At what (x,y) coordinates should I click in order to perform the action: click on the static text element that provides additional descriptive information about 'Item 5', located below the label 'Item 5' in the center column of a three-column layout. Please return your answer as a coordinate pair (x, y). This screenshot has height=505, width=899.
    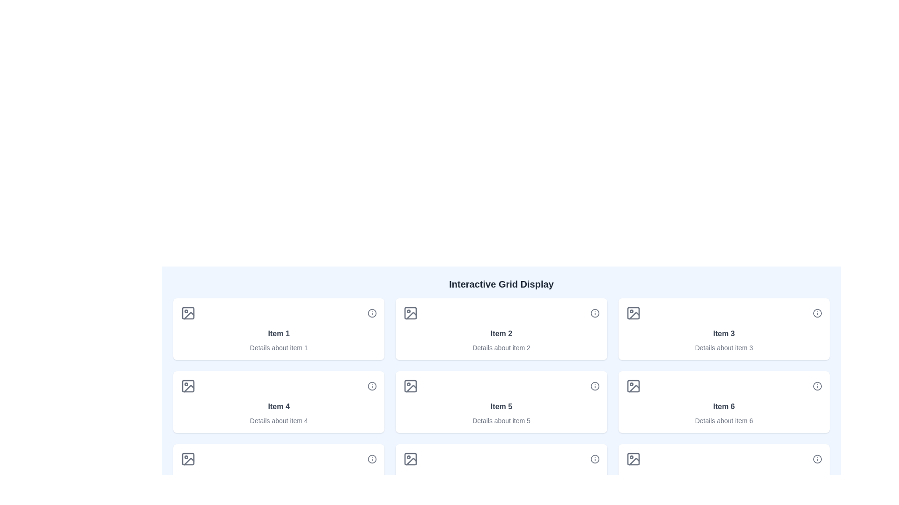
    Looking at the image, I should click on (501, 420).